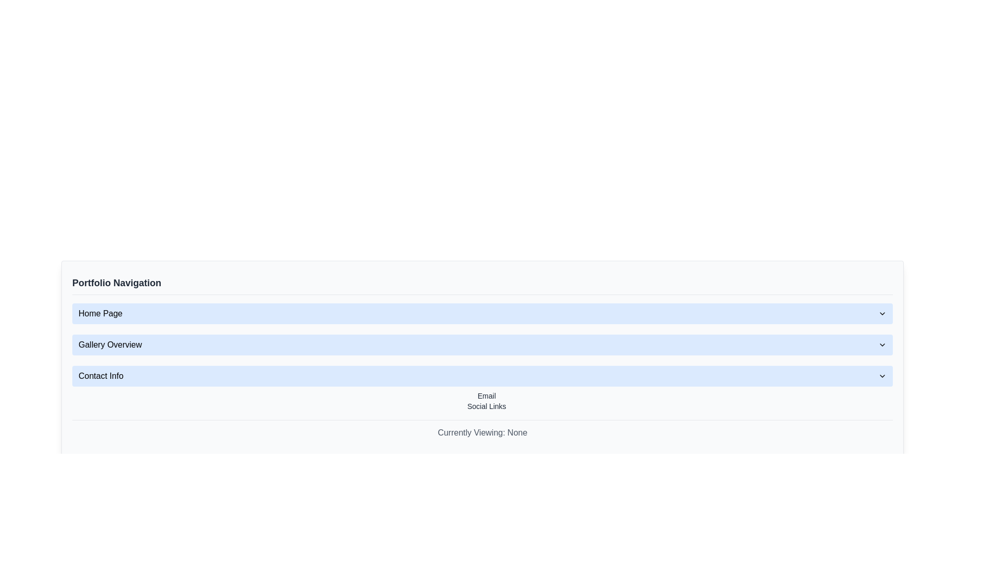 The width and height of the screenshot is (999, 562). I want to click on the 'Gallery Overview' dropdown menu item in the navigation list, so click(482, 345).